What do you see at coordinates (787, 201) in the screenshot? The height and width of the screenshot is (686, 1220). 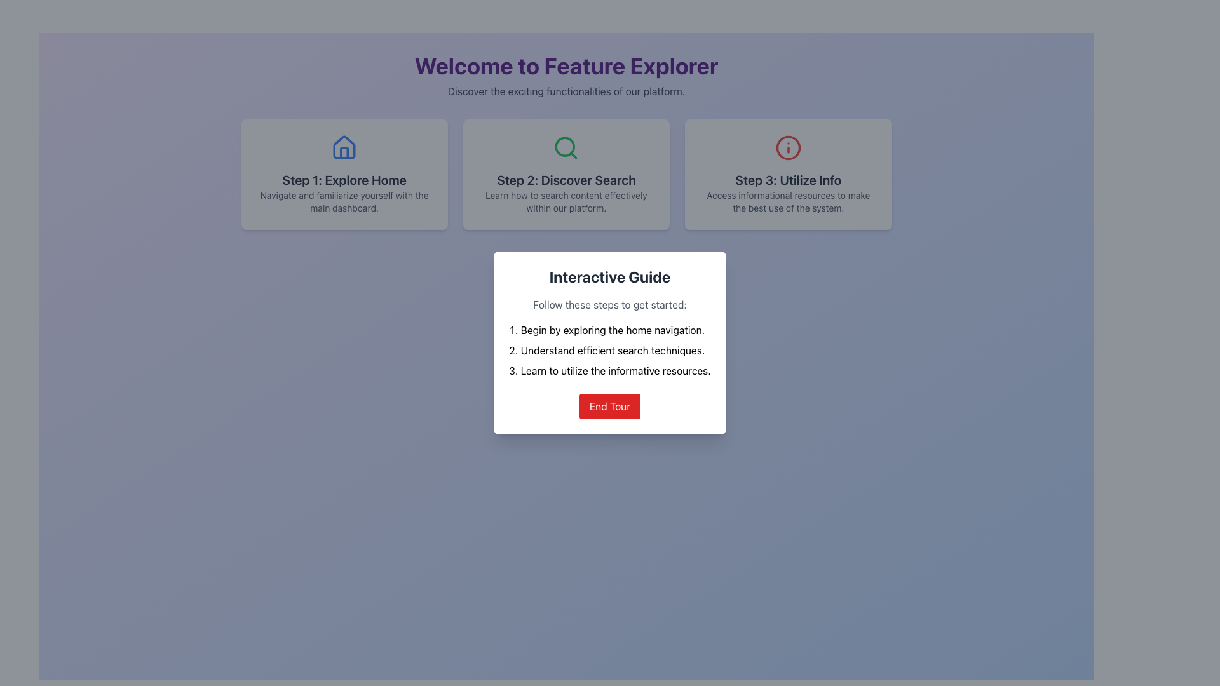 I see `informational text block located under the title 'Step 3: Utilize Info' in the third instructional card` at bounding box center [787, 201].